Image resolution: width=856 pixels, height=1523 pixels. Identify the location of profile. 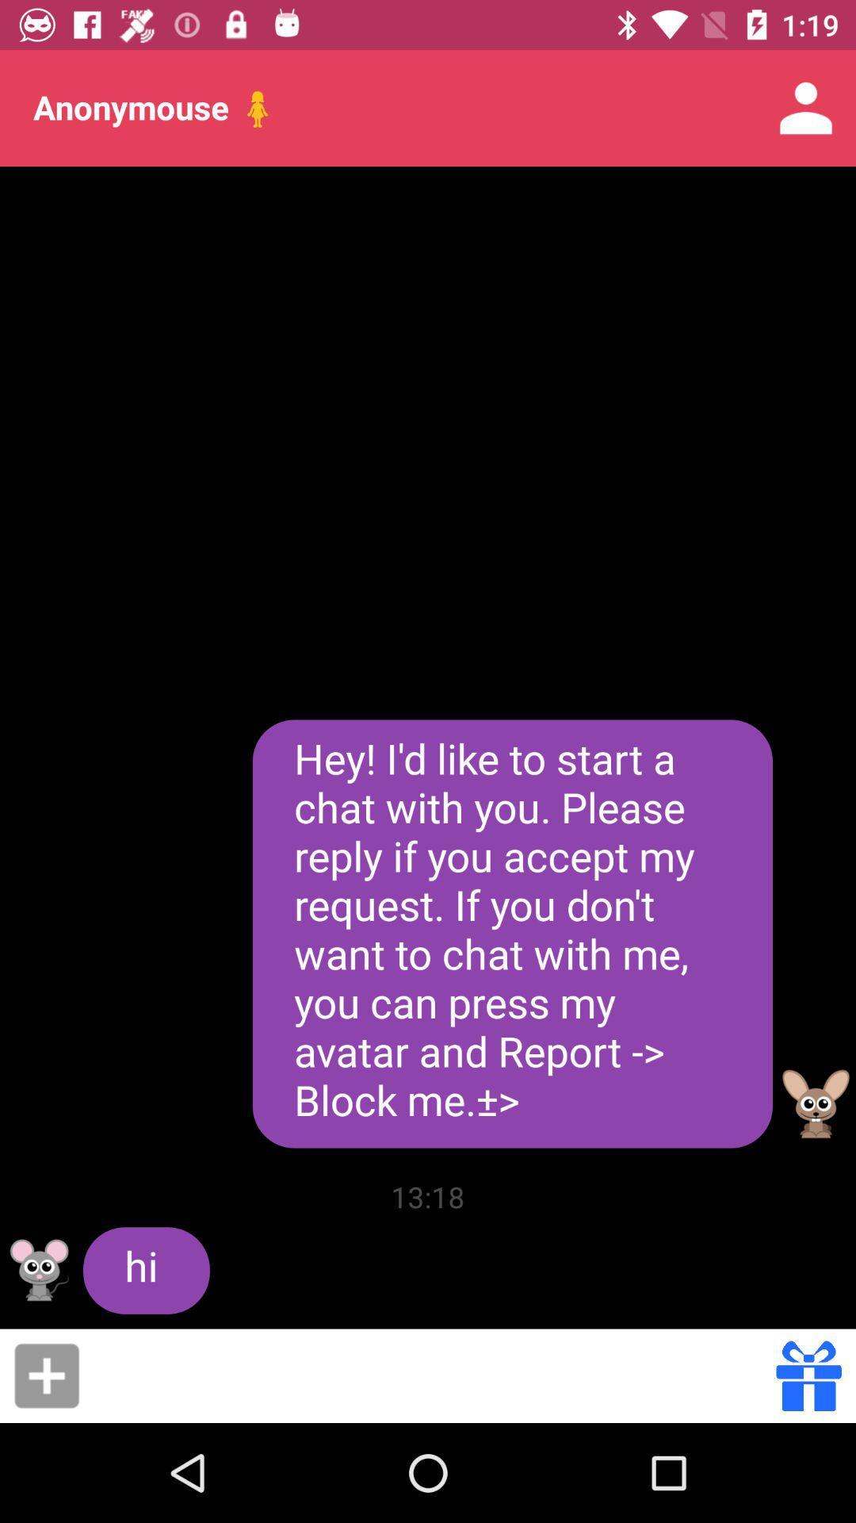
(39, 1270).